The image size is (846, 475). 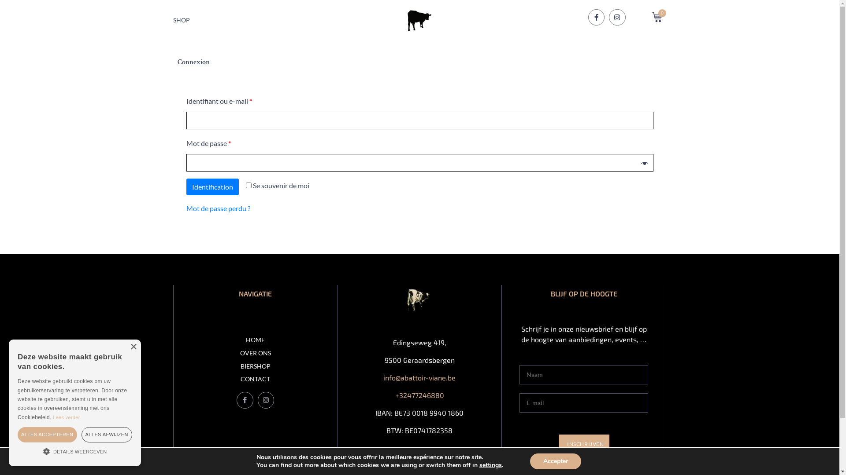 What do you see at coordinates (186, 208) in the screenshot?
I see `'Mot de passe perdu ?'` at bounding box center [186, 208].